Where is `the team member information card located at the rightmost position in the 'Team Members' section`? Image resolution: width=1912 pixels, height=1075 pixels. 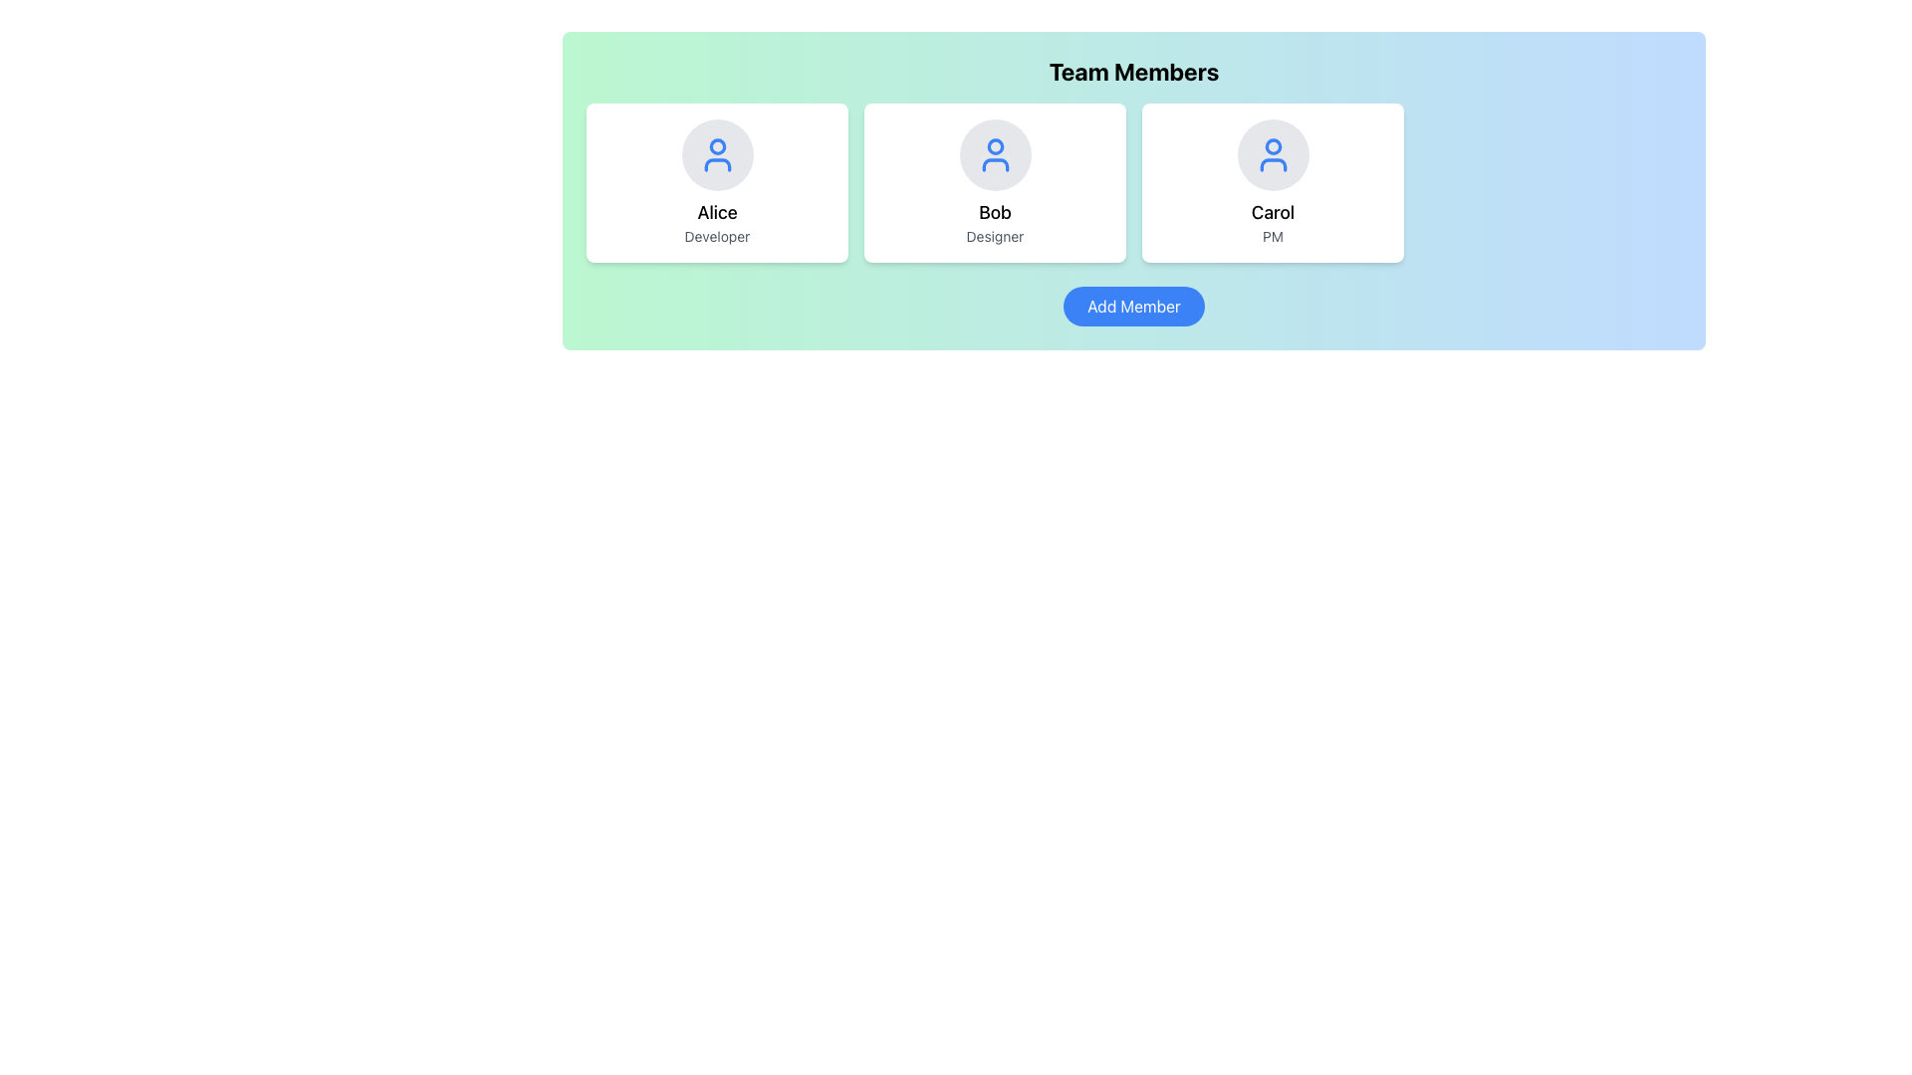 the team member information card located at the rightmost position in the 'Team Members' section is located at coordinates (1272, 183).